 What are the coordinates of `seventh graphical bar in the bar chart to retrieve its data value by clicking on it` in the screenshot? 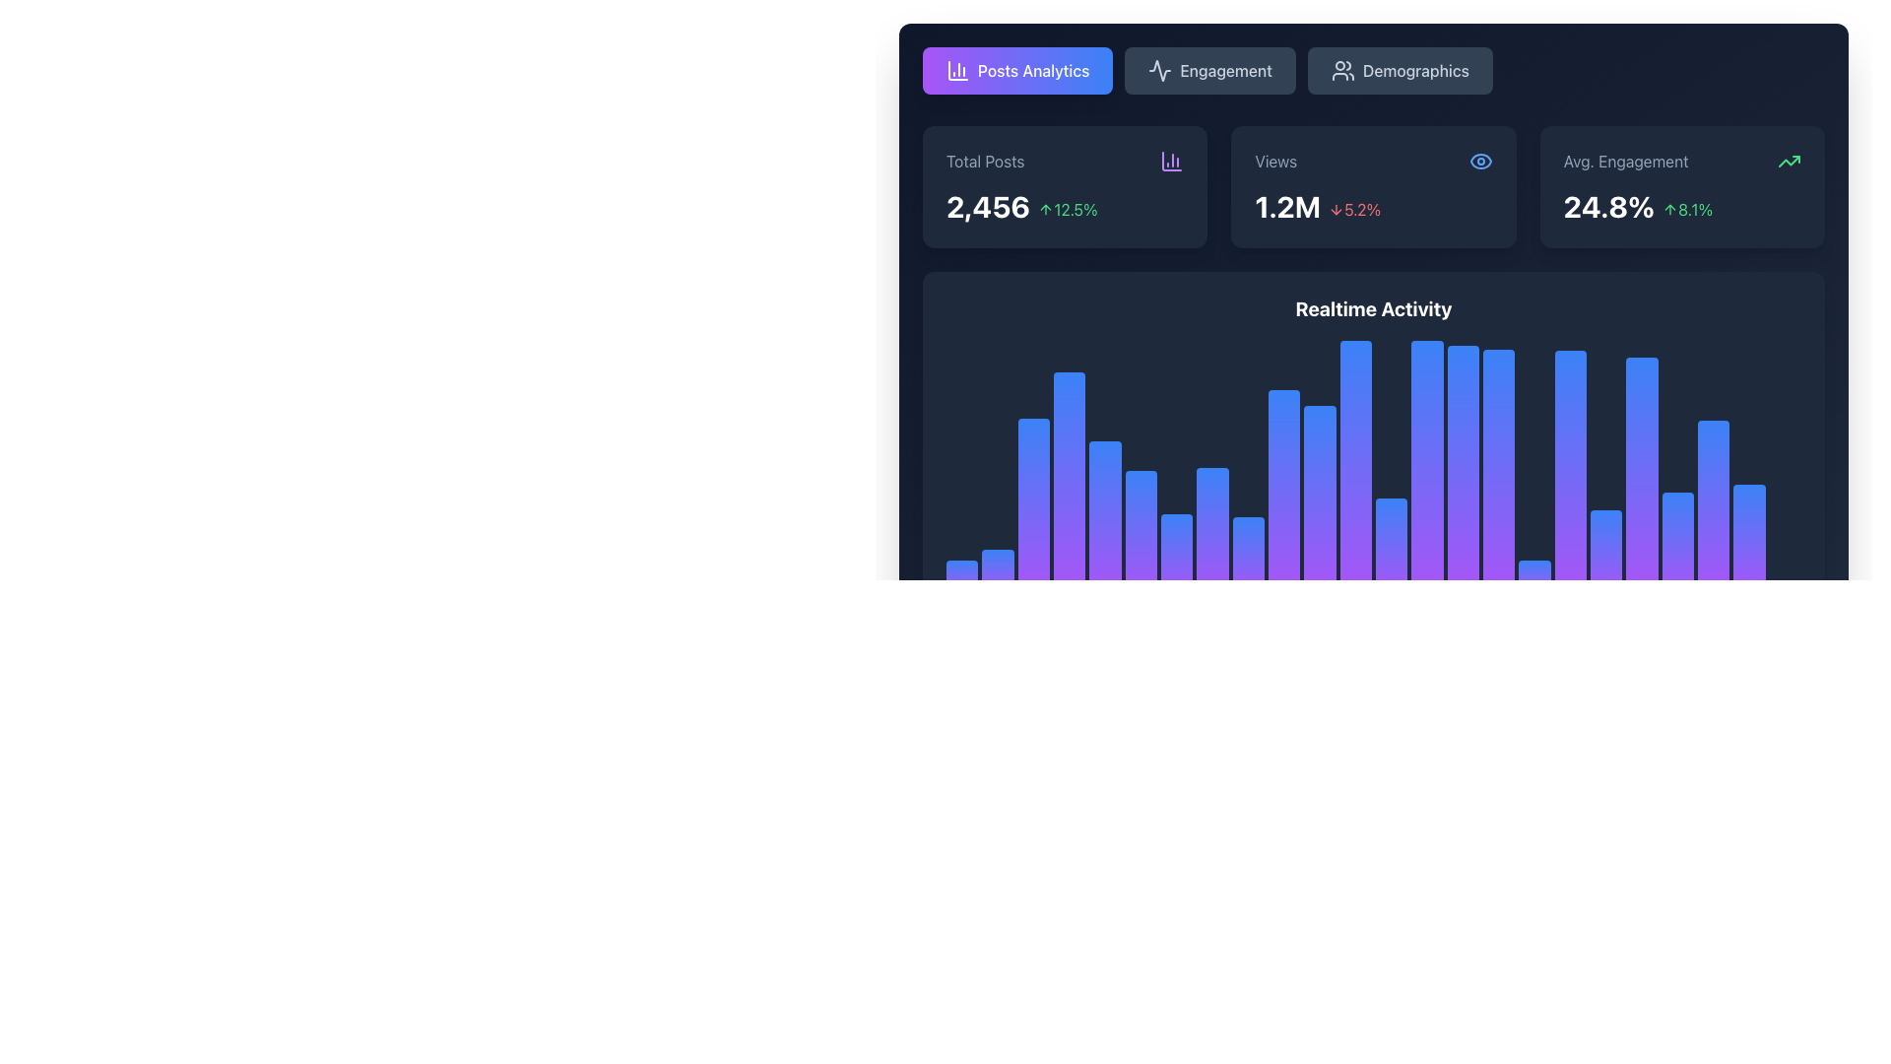 It's located at (1177, 578).